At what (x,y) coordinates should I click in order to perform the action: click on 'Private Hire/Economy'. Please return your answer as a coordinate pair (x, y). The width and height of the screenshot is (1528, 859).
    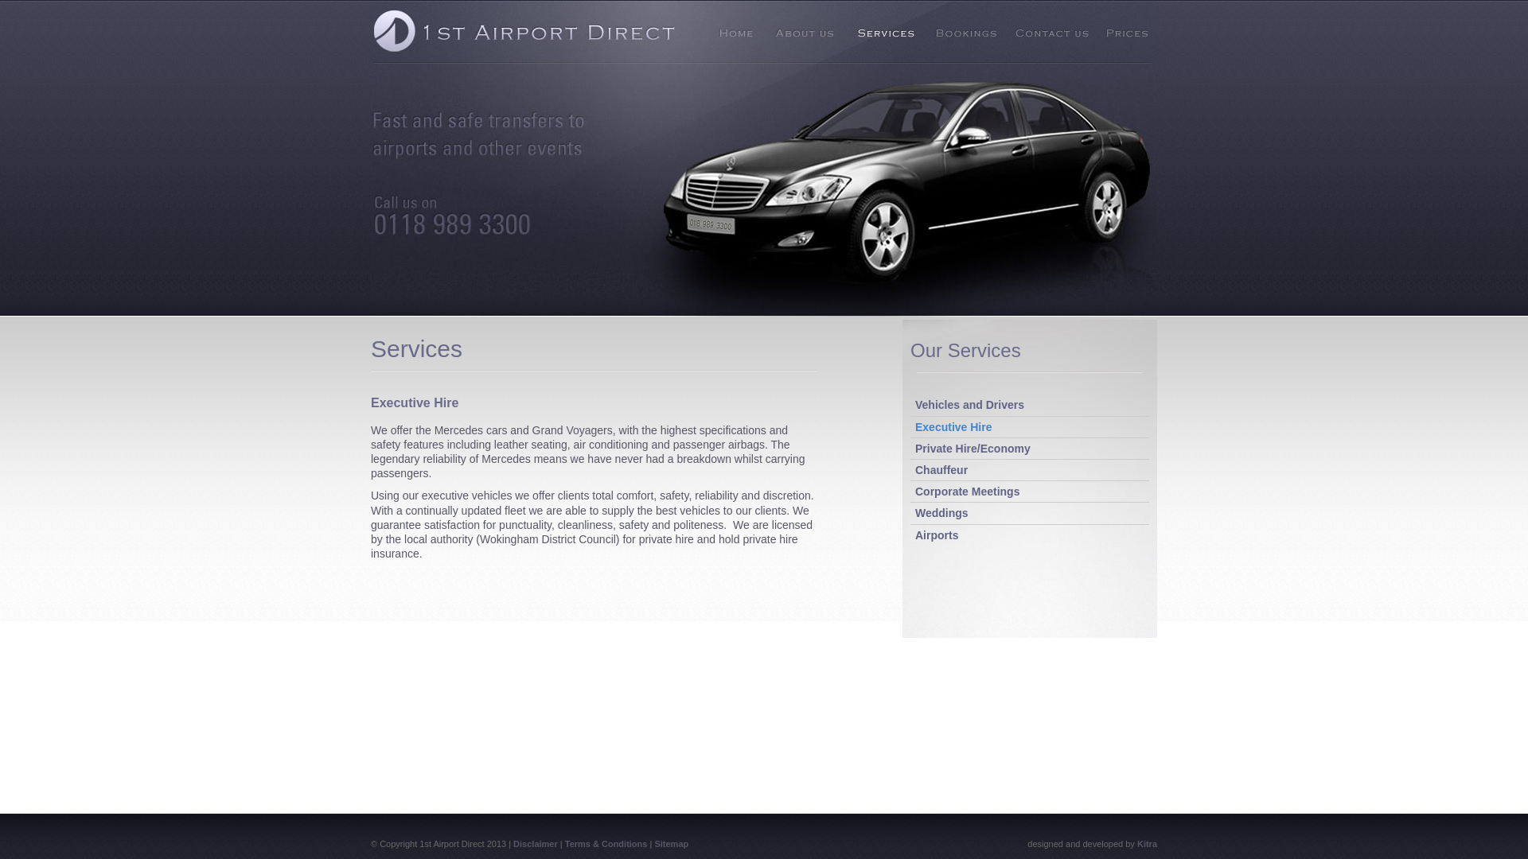
    Looking at the image, I should click on (915, 448).